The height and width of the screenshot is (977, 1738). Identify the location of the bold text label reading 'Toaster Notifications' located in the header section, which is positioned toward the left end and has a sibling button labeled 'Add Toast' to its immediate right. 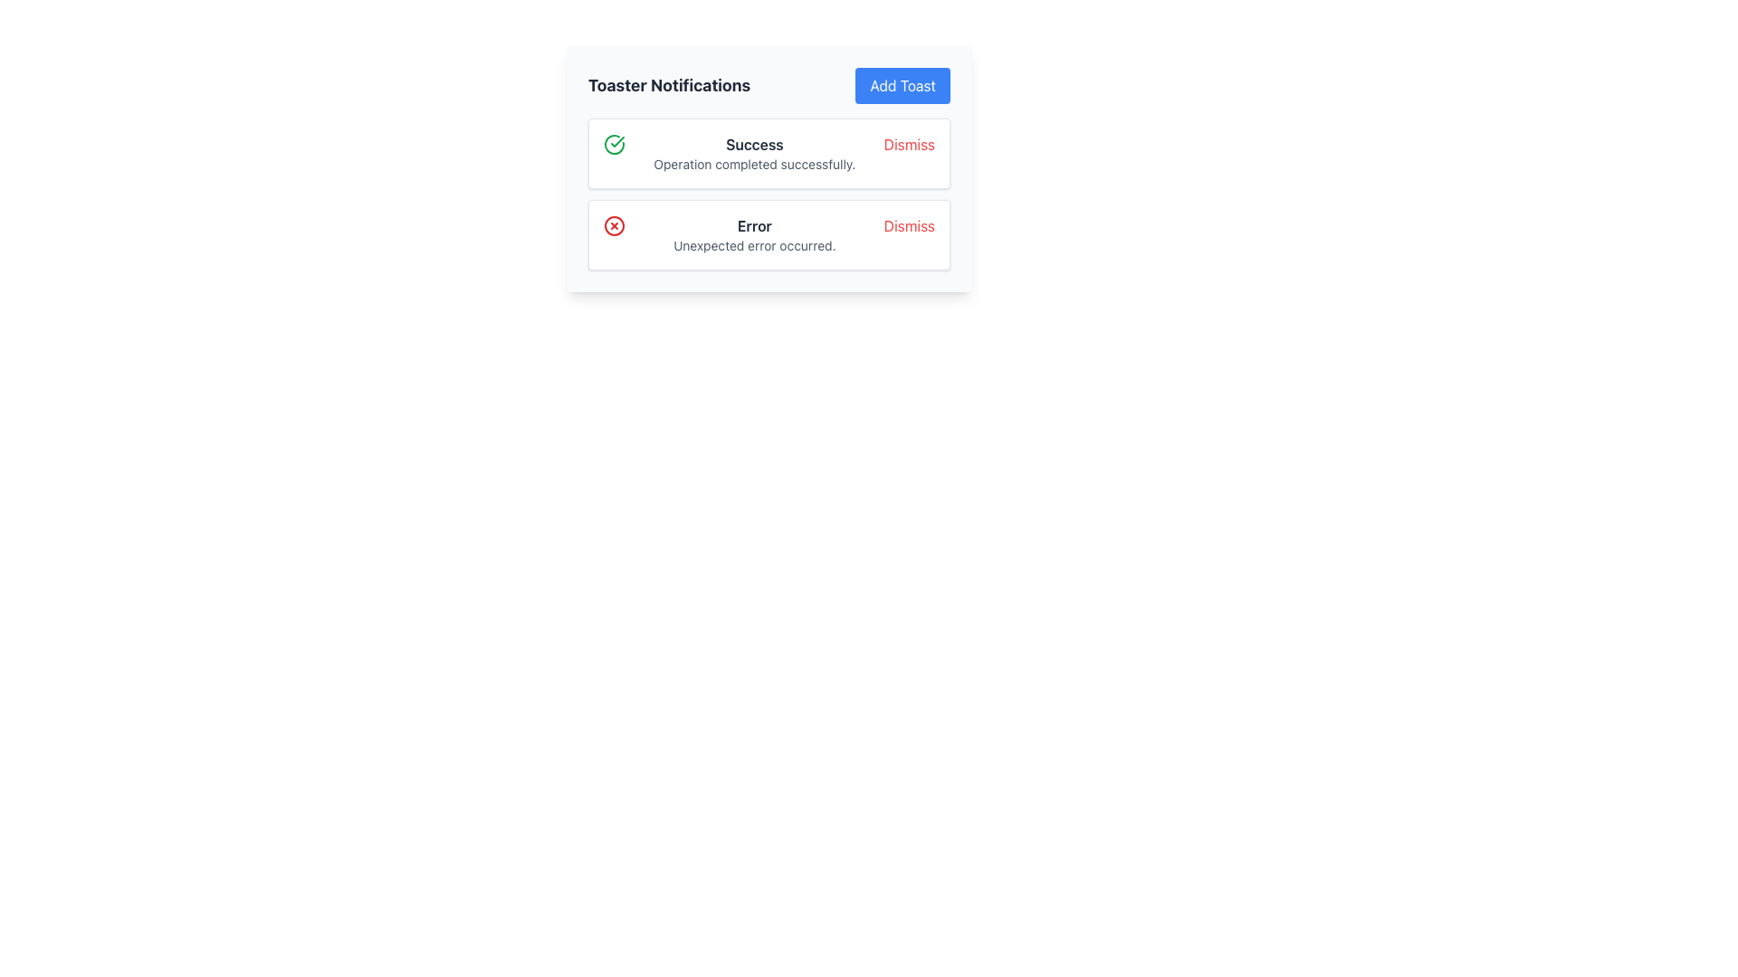
(668, 86).